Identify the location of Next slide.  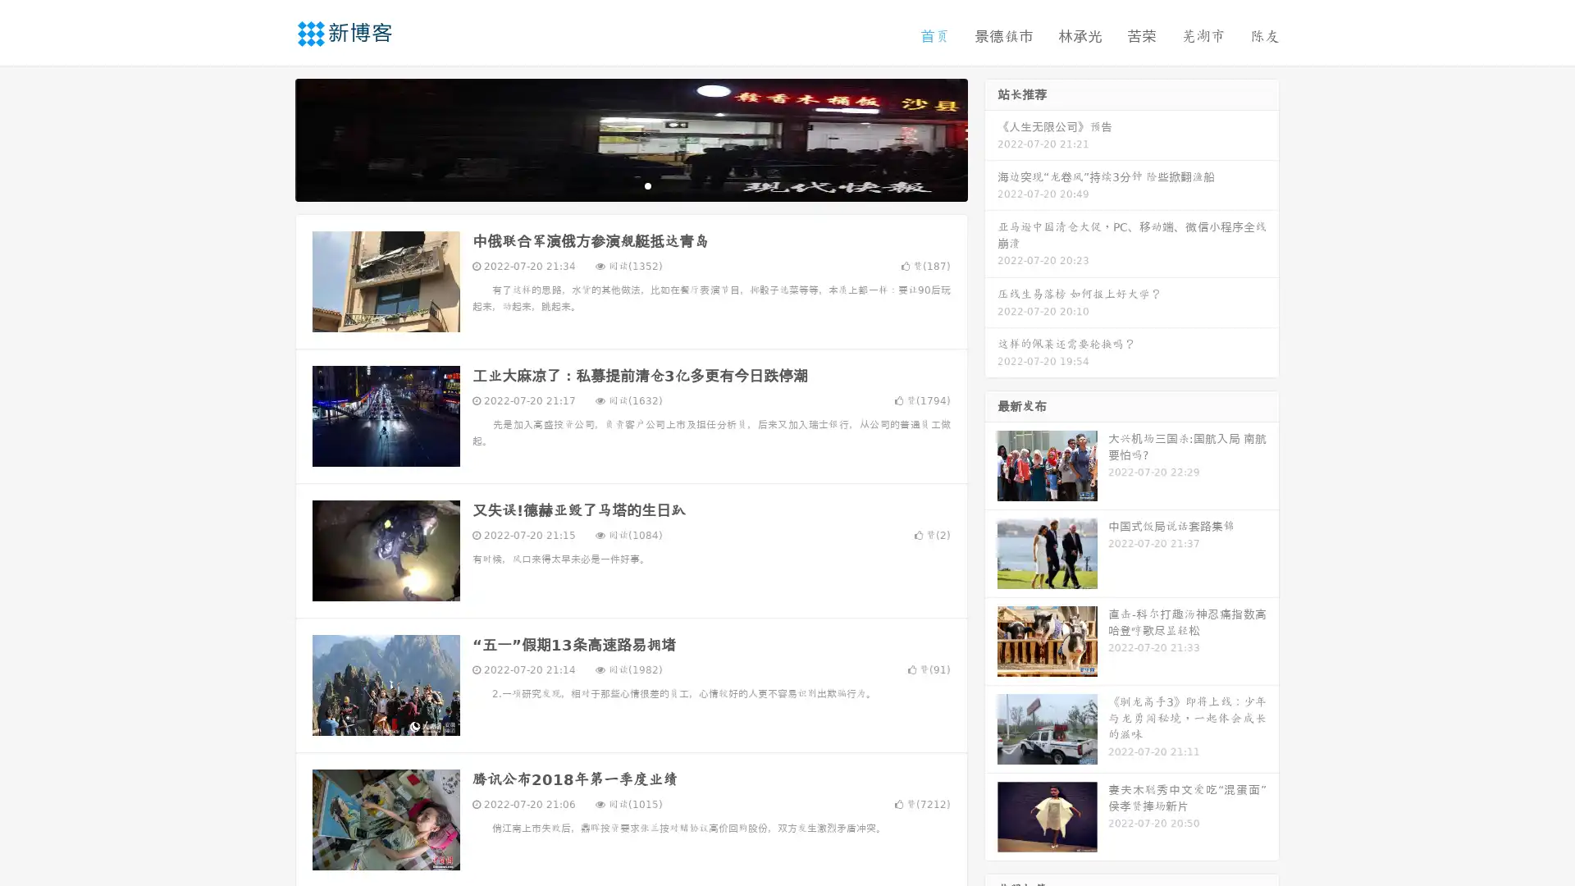
(991, 138).